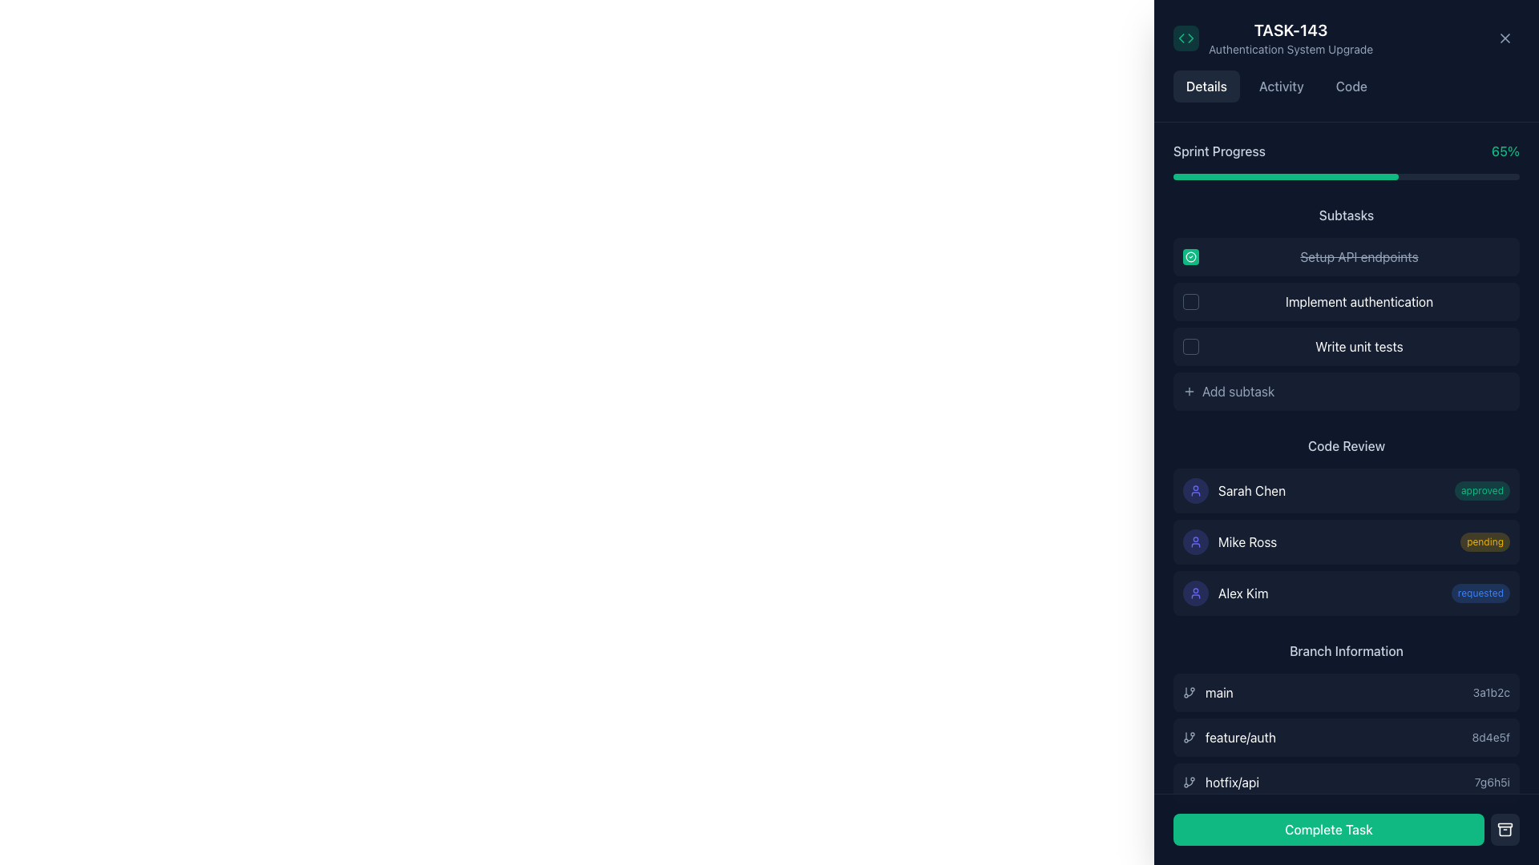 The height and width of the screenshot is (865, 1539). What do you see at coordinates (1252, 176) in the screenshot?
I see `progress value` at bounding box center [1252, 176].